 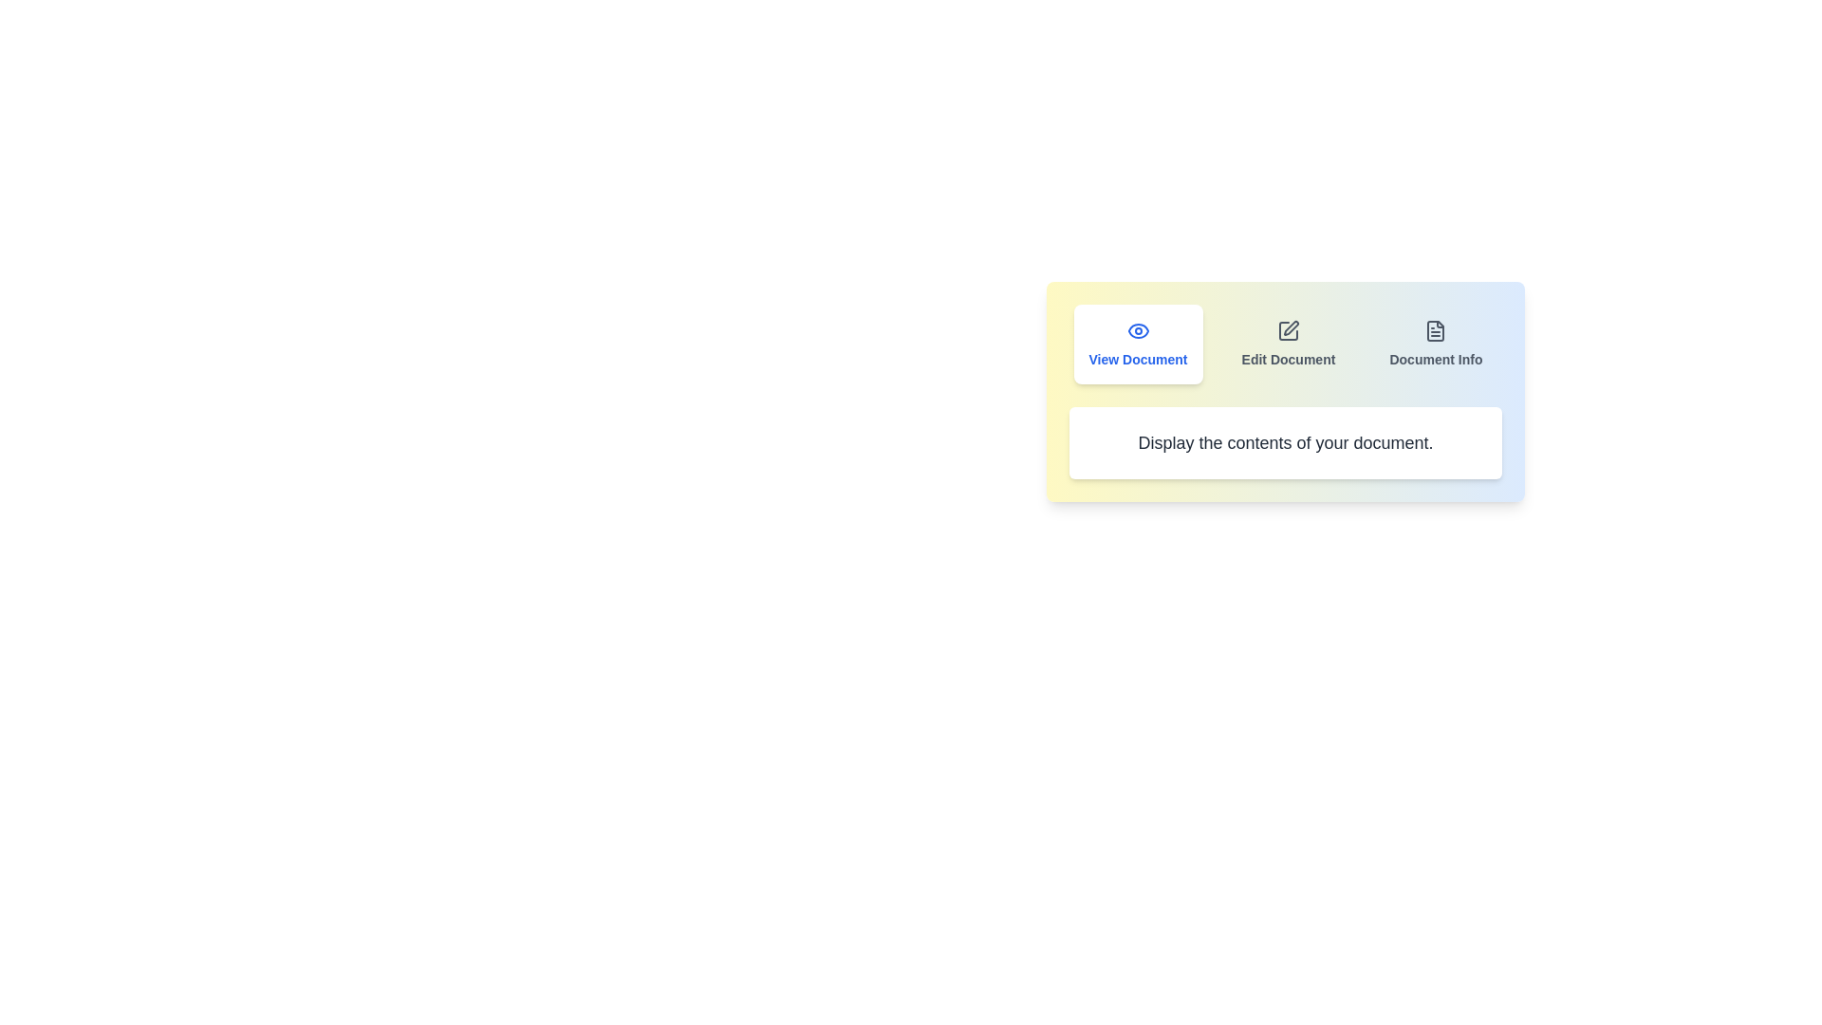 What do you see at coordinates (1436, 344) in the screenshot?
I see `the tab labeled Document Info` at bounding box center [1436, 344].